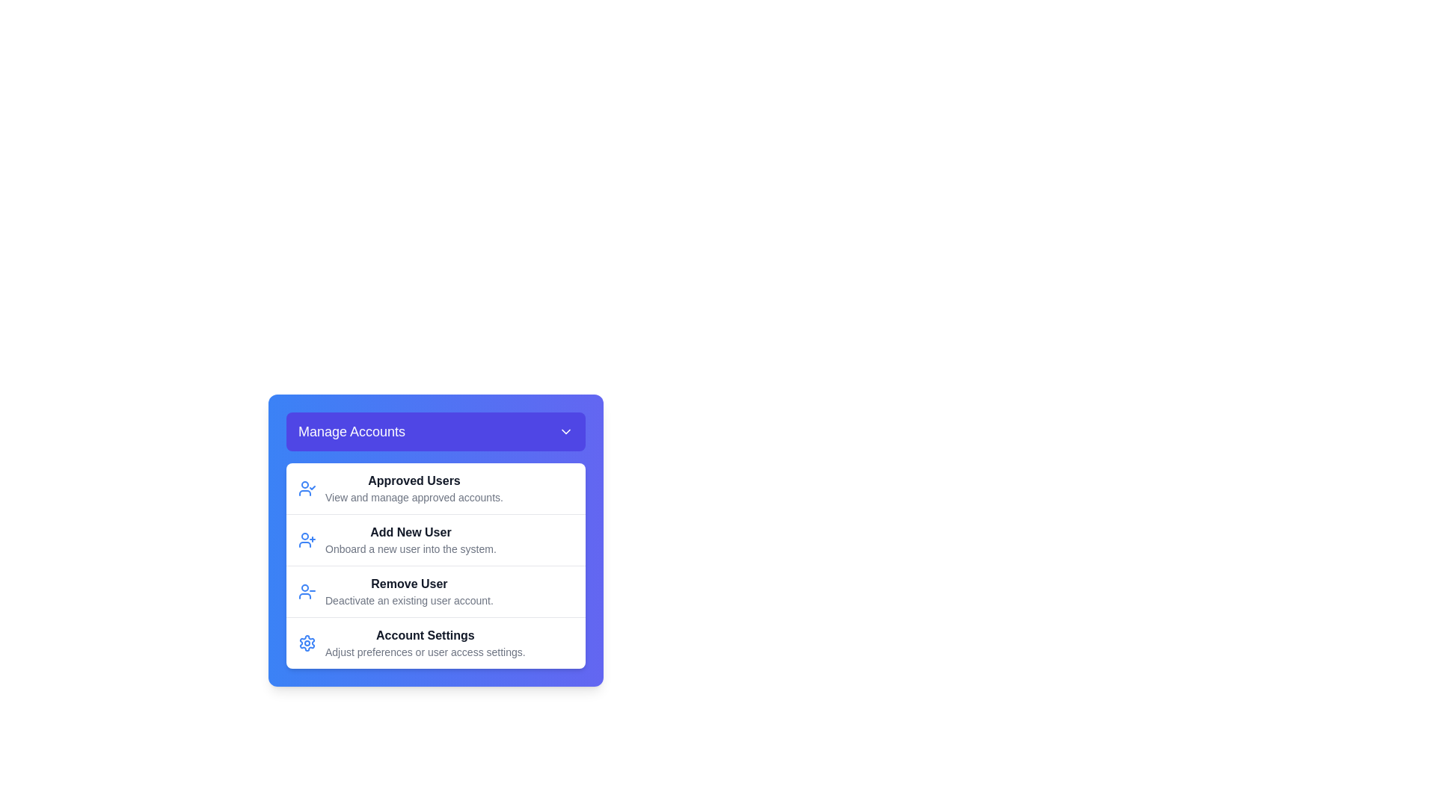  I want to click on the gear icon representing settings, located at the far left of the 'Account Settings' button in the dropdown menu under 'Manage Accounts', so click(307, 642).